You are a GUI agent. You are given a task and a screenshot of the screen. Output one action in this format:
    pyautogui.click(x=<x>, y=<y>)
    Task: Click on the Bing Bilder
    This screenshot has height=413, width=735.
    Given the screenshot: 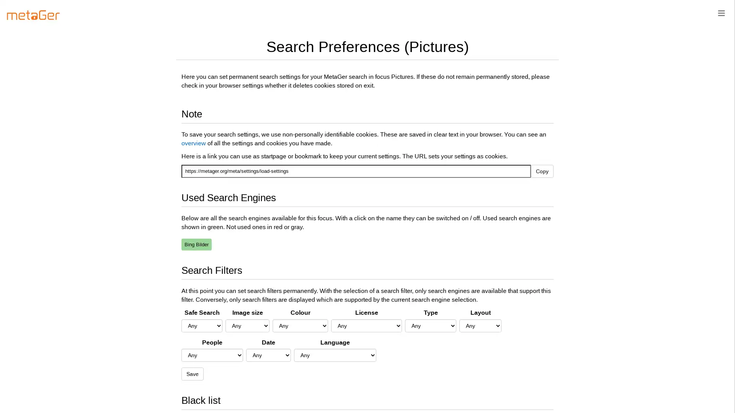 What is the action you would take?
    pyautogui.click(x=196, y=244)
    